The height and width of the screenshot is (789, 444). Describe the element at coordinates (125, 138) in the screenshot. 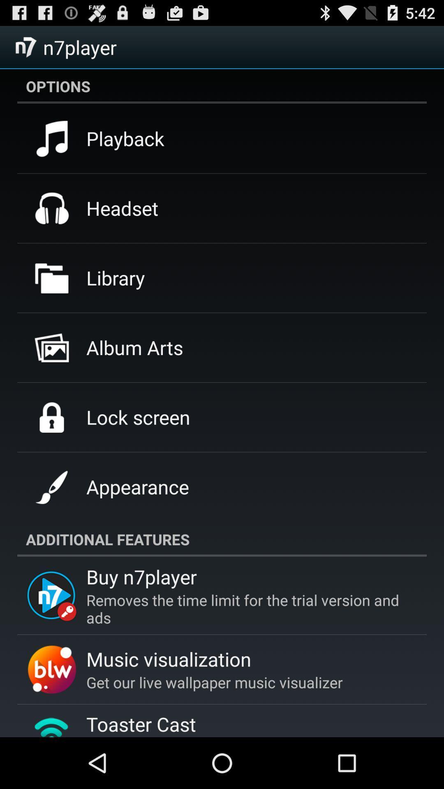

I see `the icon below the options app` at that location.